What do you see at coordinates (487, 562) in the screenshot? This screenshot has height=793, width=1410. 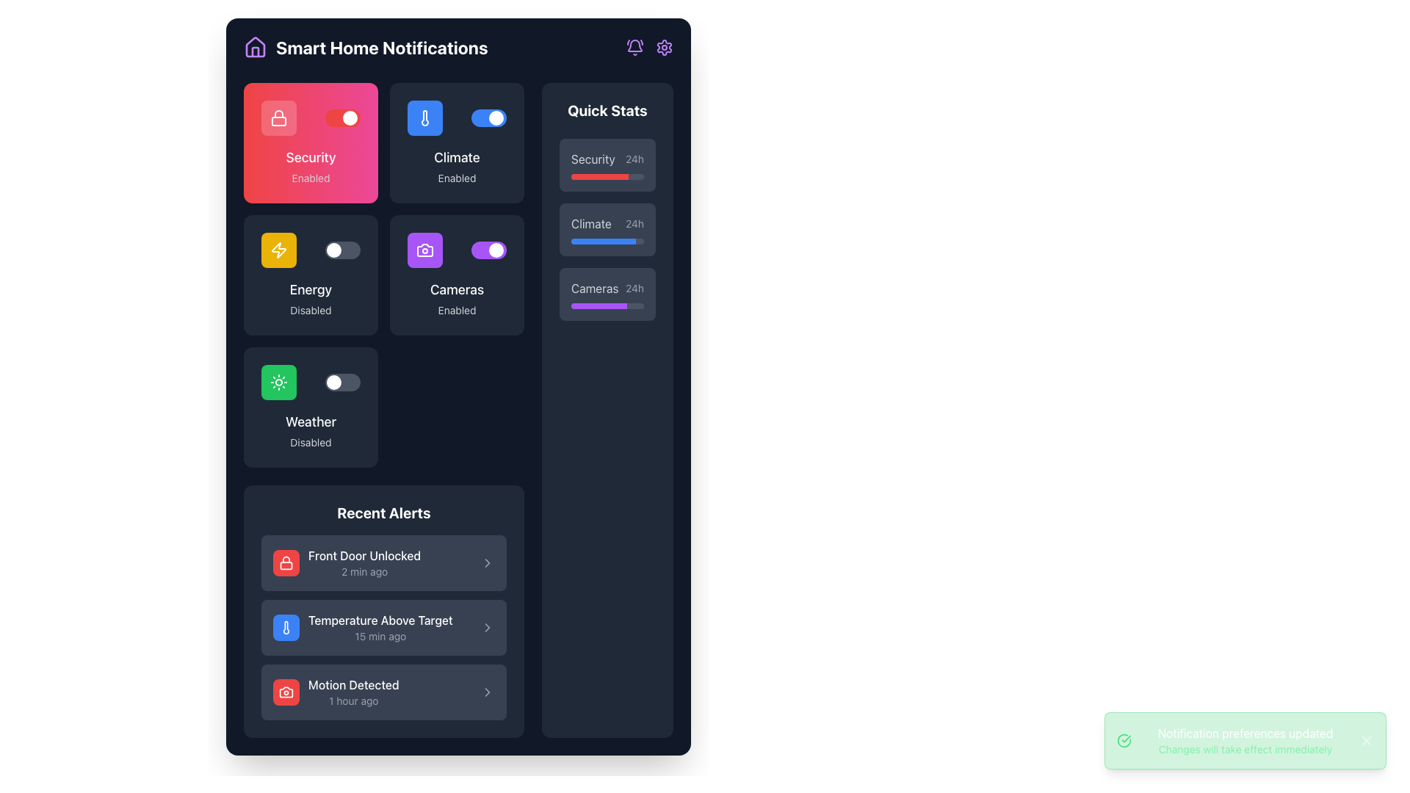 I see `the chevron icon located at the rightmost position within the 'Front Door Unlocked' module` at bounding box center [487, 562].